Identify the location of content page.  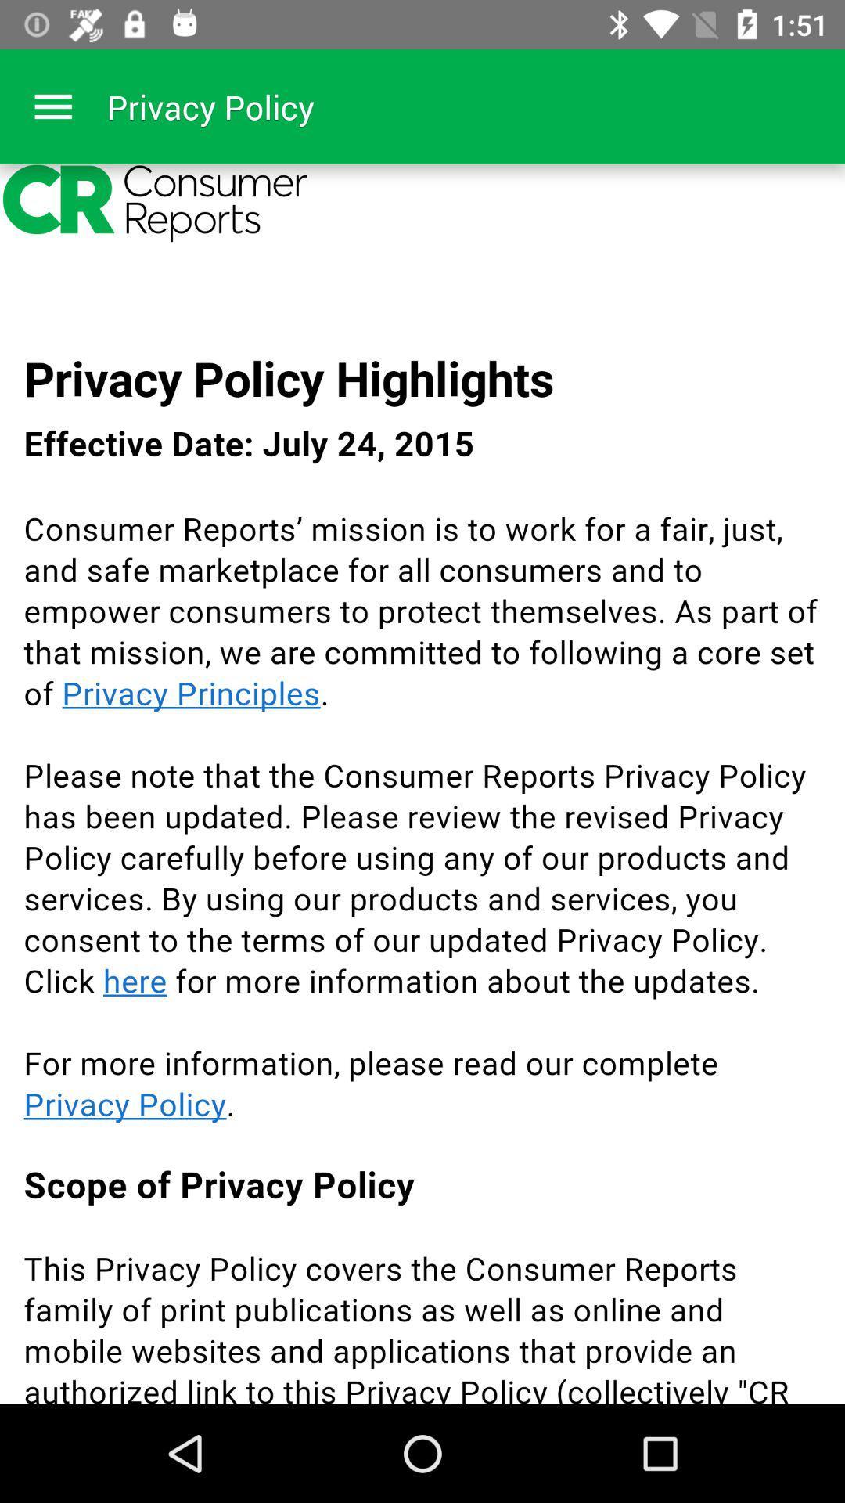
(422, 784).